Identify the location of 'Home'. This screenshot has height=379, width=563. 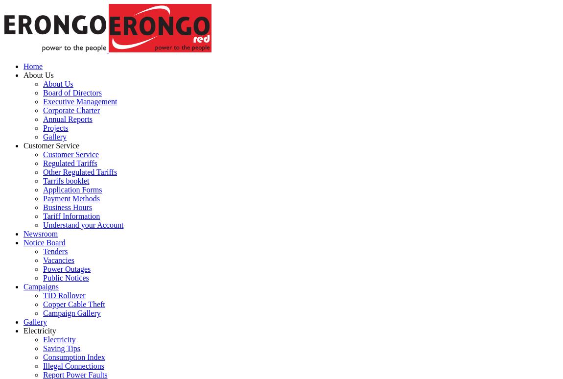
(32, 66).